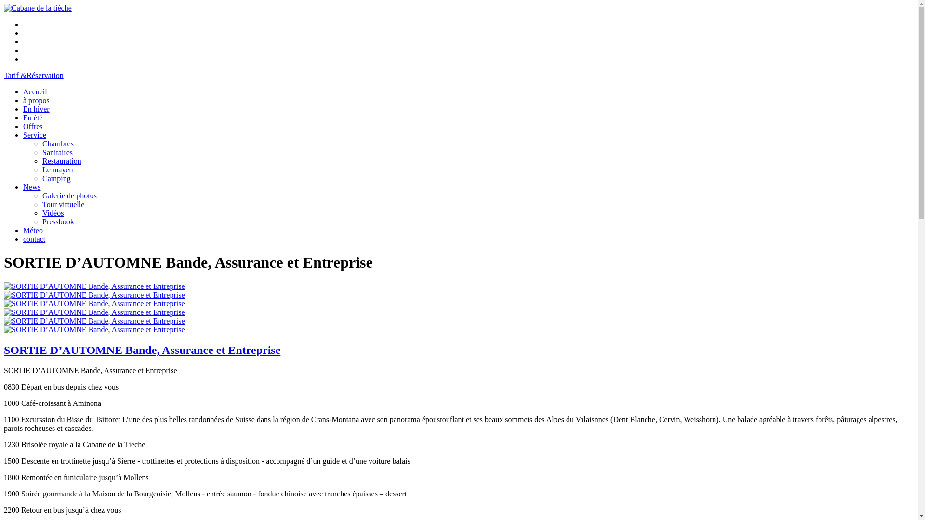  What do you see at coordinates (69, 195) in the screenshot?
I see `'Galerie de photos'` at bounding box center [69, 195].